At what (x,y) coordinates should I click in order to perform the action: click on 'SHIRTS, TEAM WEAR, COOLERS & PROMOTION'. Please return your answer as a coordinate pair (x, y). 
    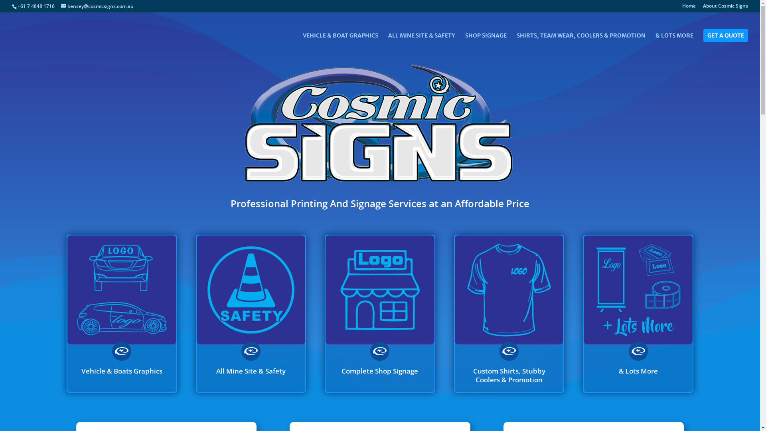
    Looking at the image, I should click on (581, 40).